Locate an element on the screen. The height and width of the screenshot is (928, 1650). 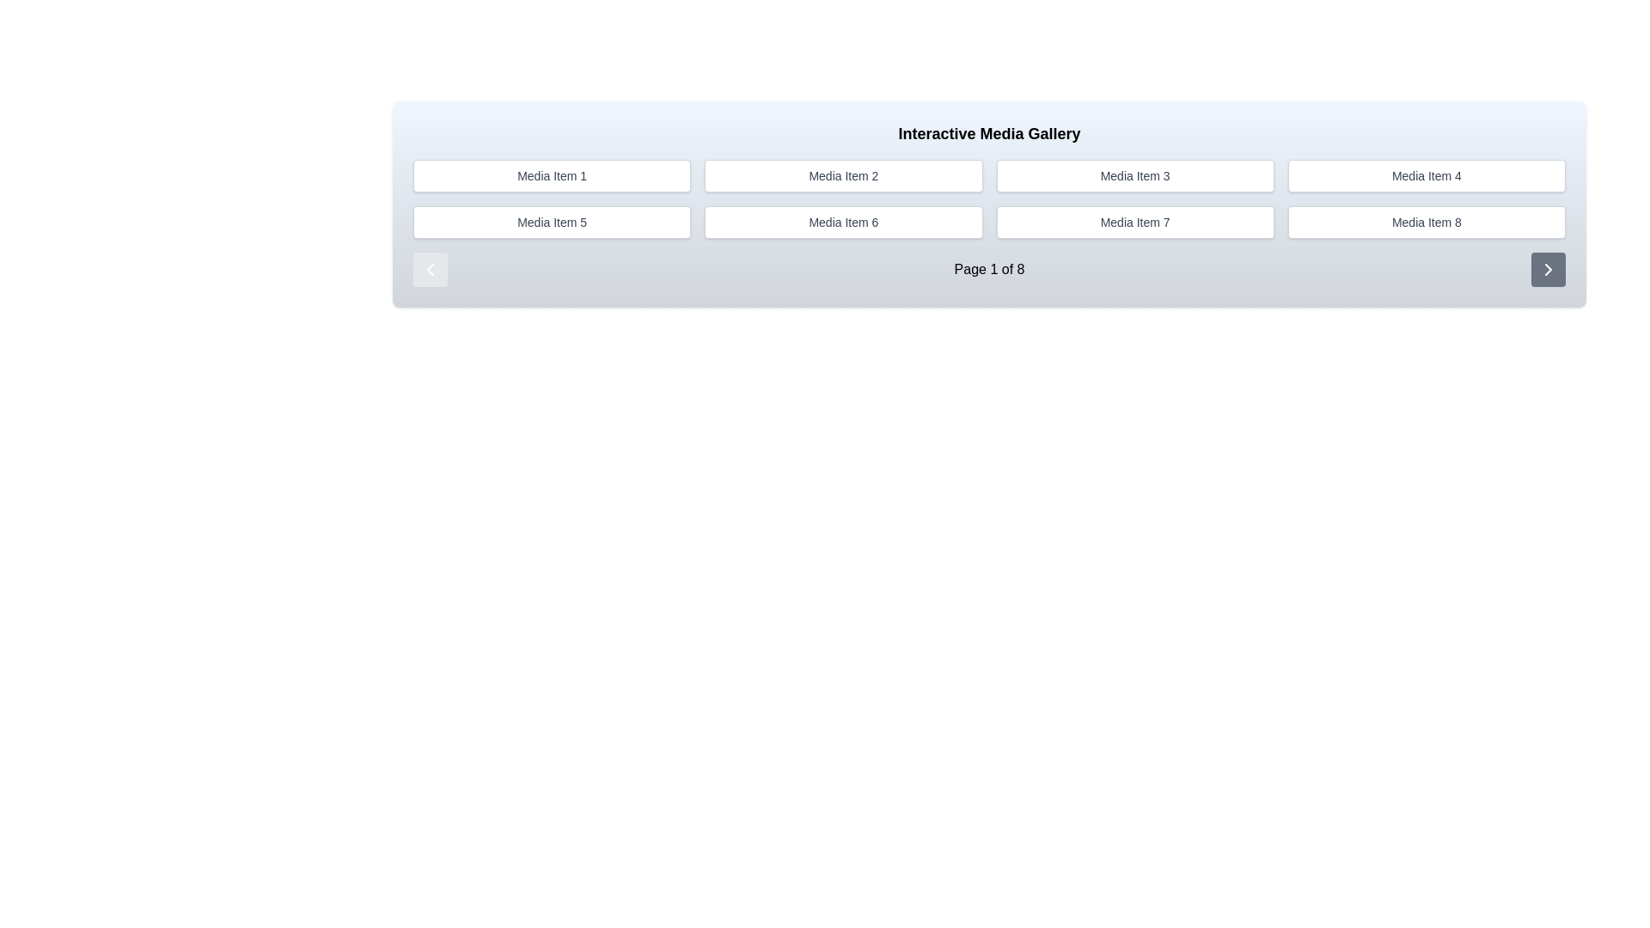
the 'Next' button located in the bottom-right corner of the gallery component is located at coordinates (1548, 269).